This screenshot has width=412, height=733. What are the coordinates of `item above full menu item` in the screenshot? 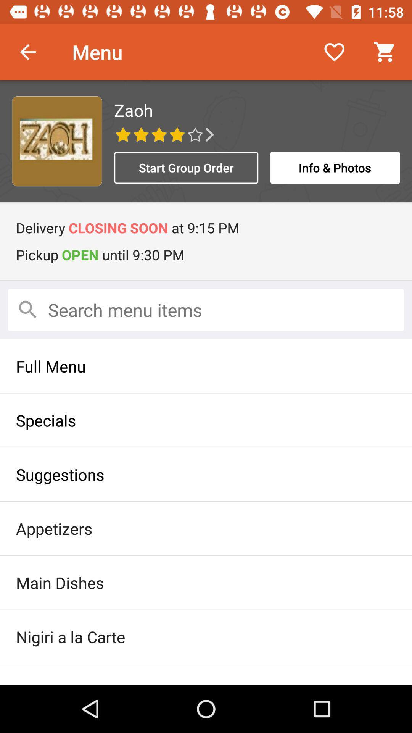 It's located at (206, 310).